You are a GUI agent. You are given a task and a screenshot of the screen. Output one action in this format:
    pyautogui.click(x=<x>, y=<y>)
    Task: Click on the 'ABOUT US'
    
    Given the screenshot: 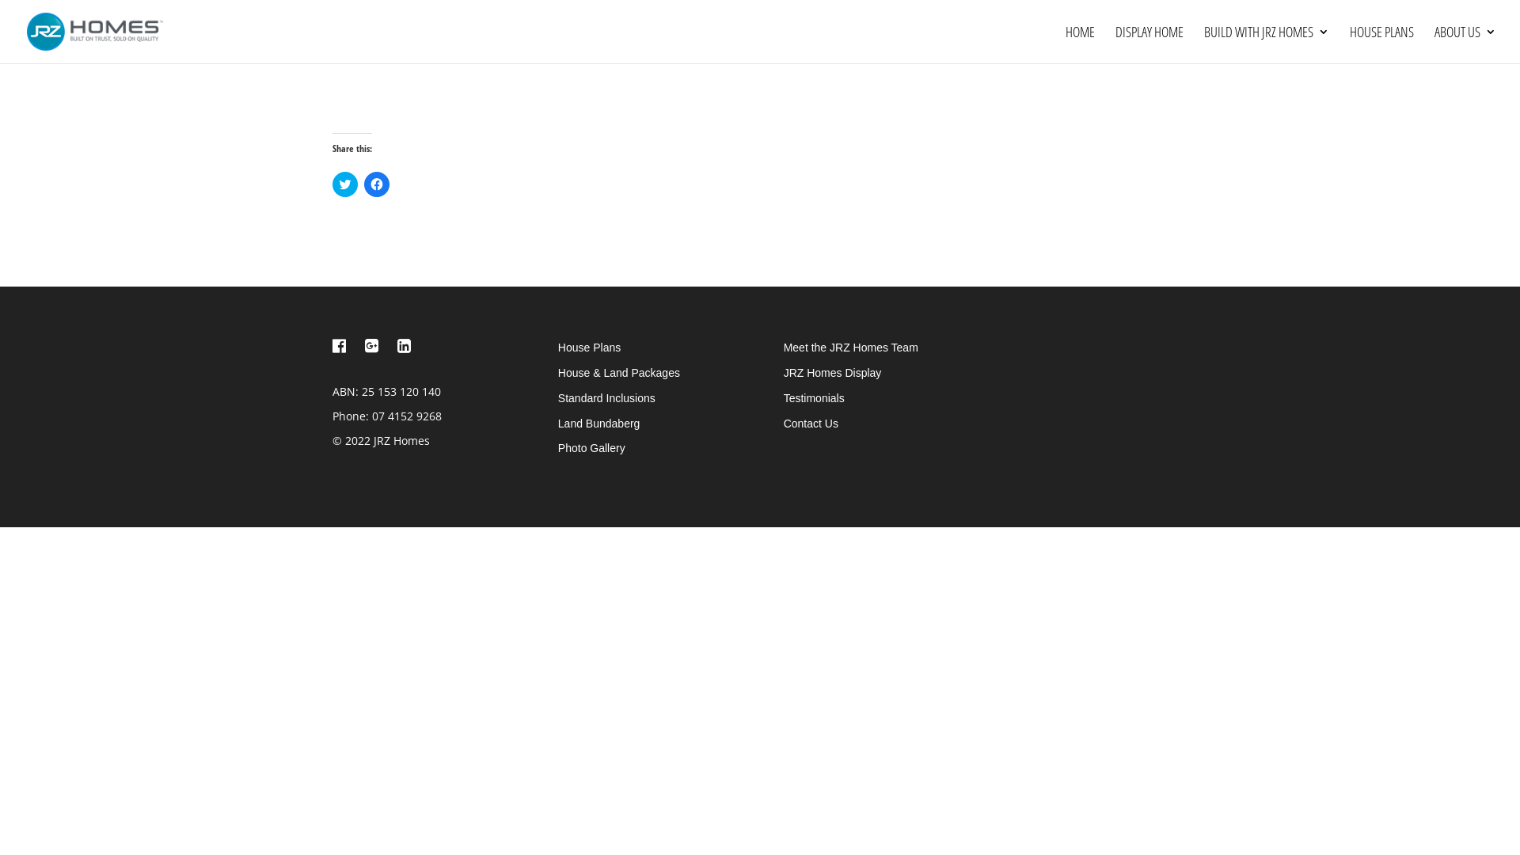 What is the action you would take?
    pyautogui.click(x=1465, y=44)
    